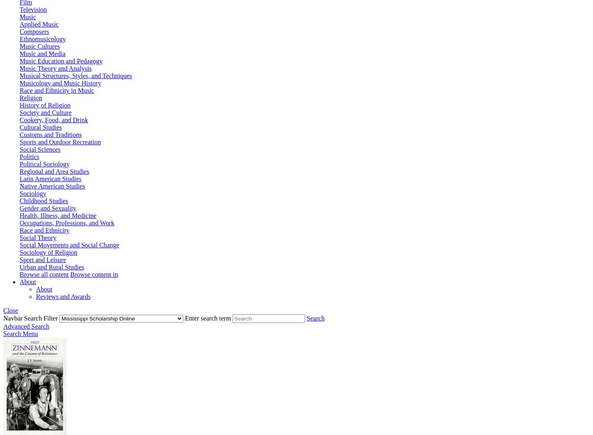  What do you see at coordinates (61, 112) in the screenshot?
I see `'Culture'` at bounding box center [61, 112].